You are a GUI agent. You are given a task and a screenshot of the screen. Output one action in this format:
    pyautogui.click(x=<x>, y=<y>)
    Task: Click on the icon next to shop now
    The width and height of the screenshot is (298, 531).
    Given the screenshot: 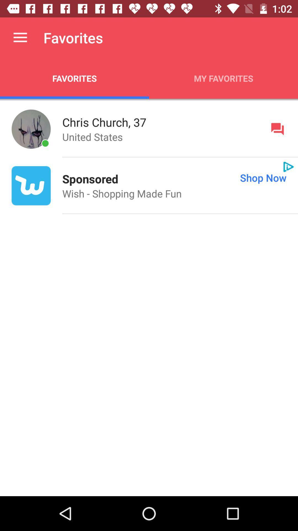 What is the action you would take?
    pyautogui.click(x=90, y=179)
    